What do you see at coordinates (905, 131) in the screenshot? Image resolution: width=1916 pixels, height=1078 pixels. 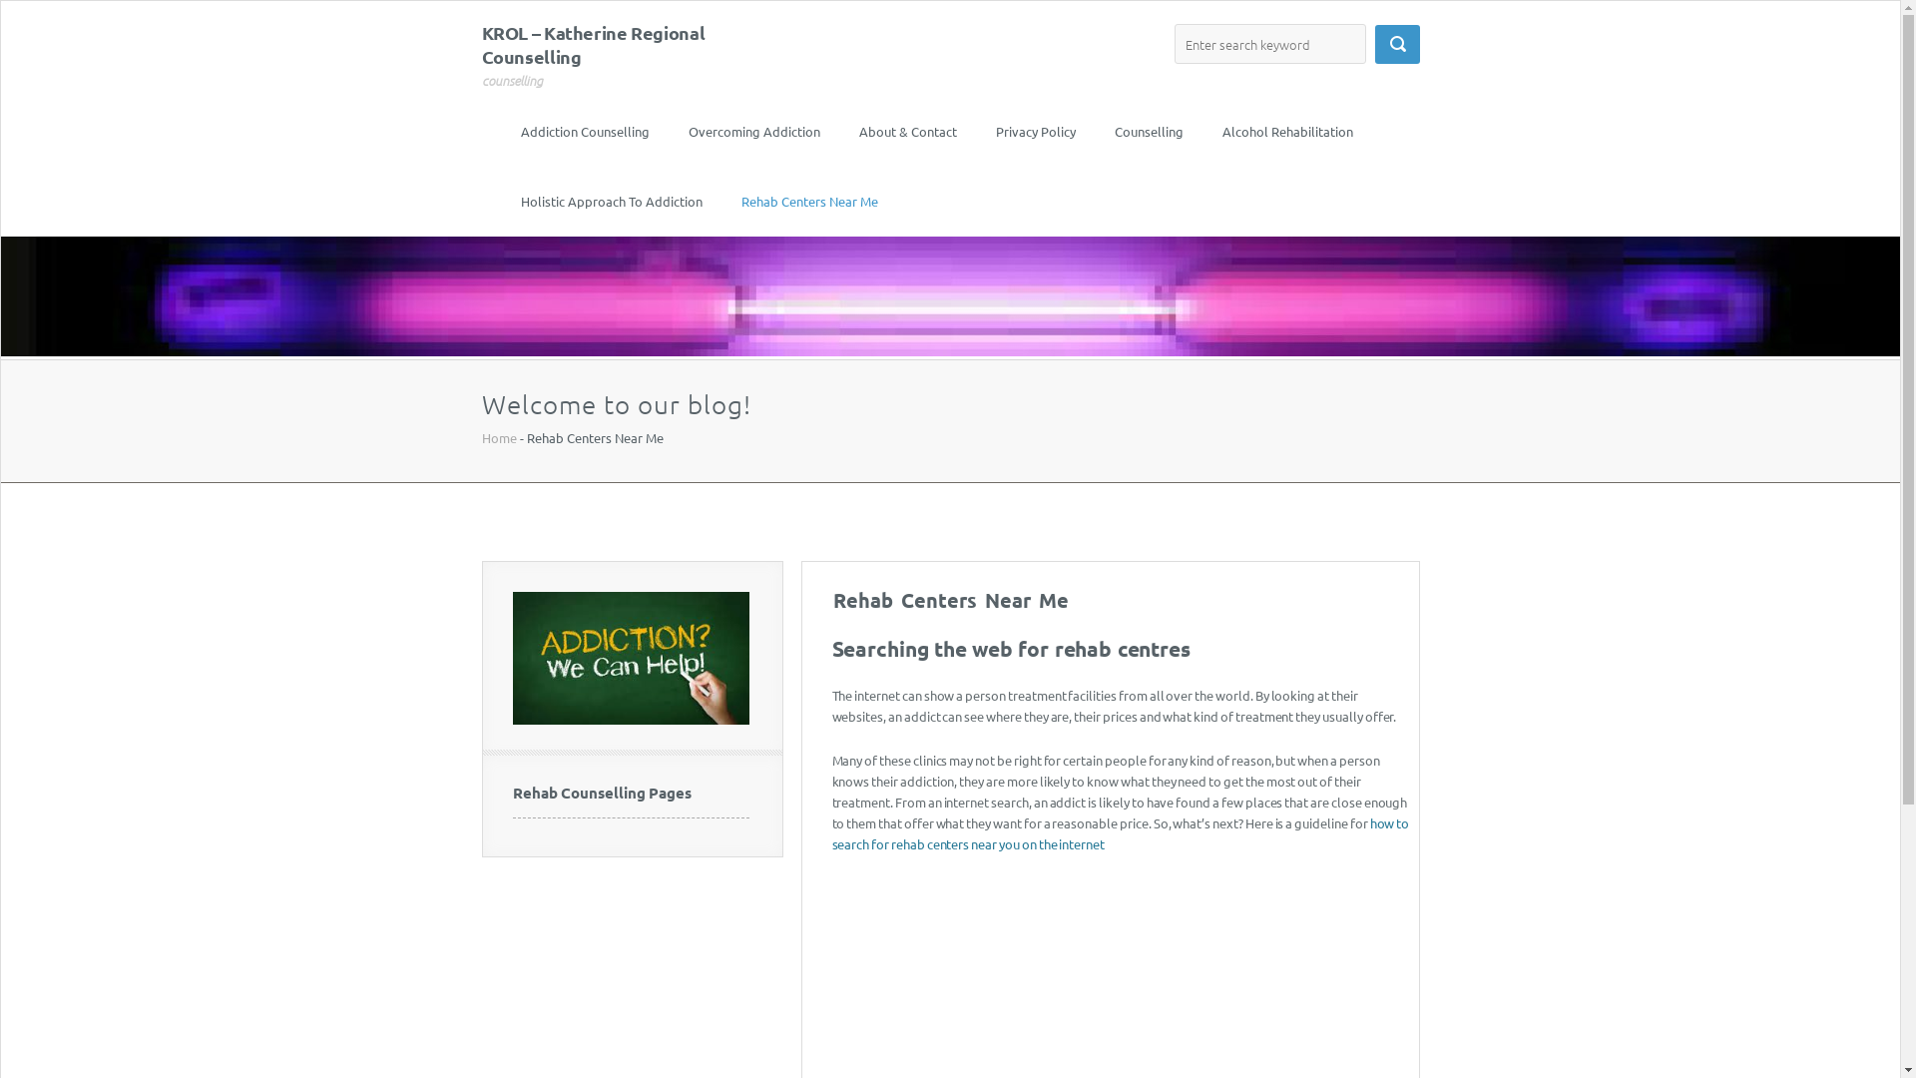 I see `'About & Contact'` at bounding box center [905, 131].